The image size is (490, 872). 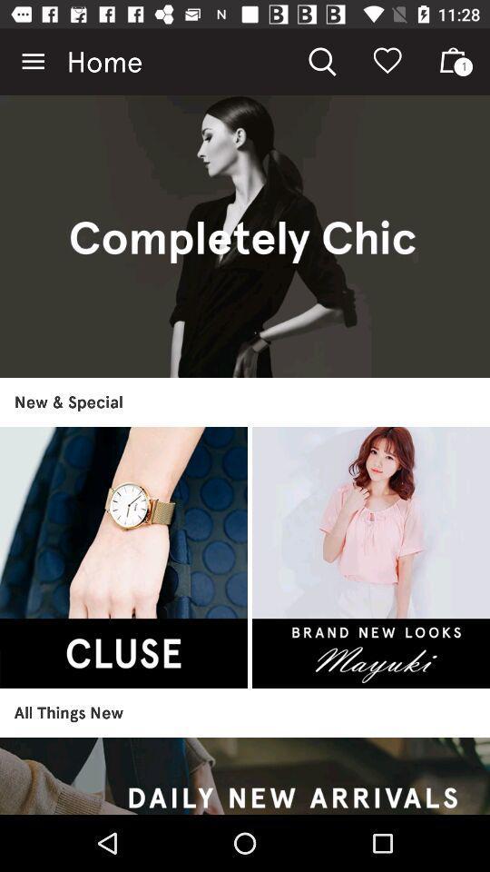 I want to click on the icon at the top left corner, so click(x=33, y=62).